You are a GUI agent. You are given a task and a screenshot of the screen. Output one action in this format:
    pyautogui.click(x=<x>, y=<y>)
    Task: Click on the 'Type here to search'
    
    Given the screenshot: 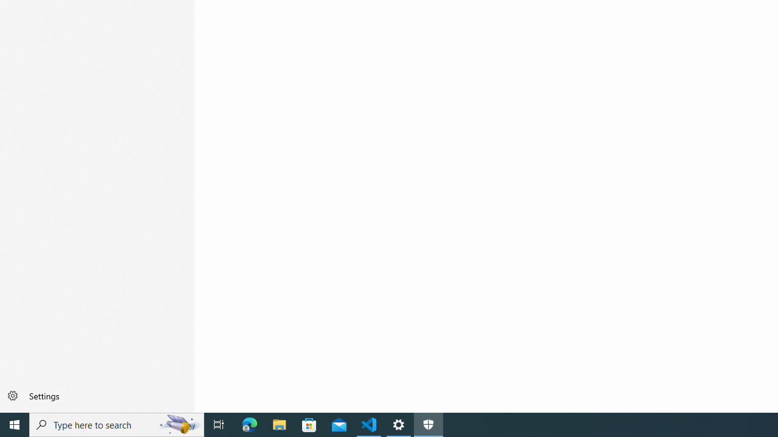 What is the action you would take?
    pyautogui.click(x=117, y=424)
    